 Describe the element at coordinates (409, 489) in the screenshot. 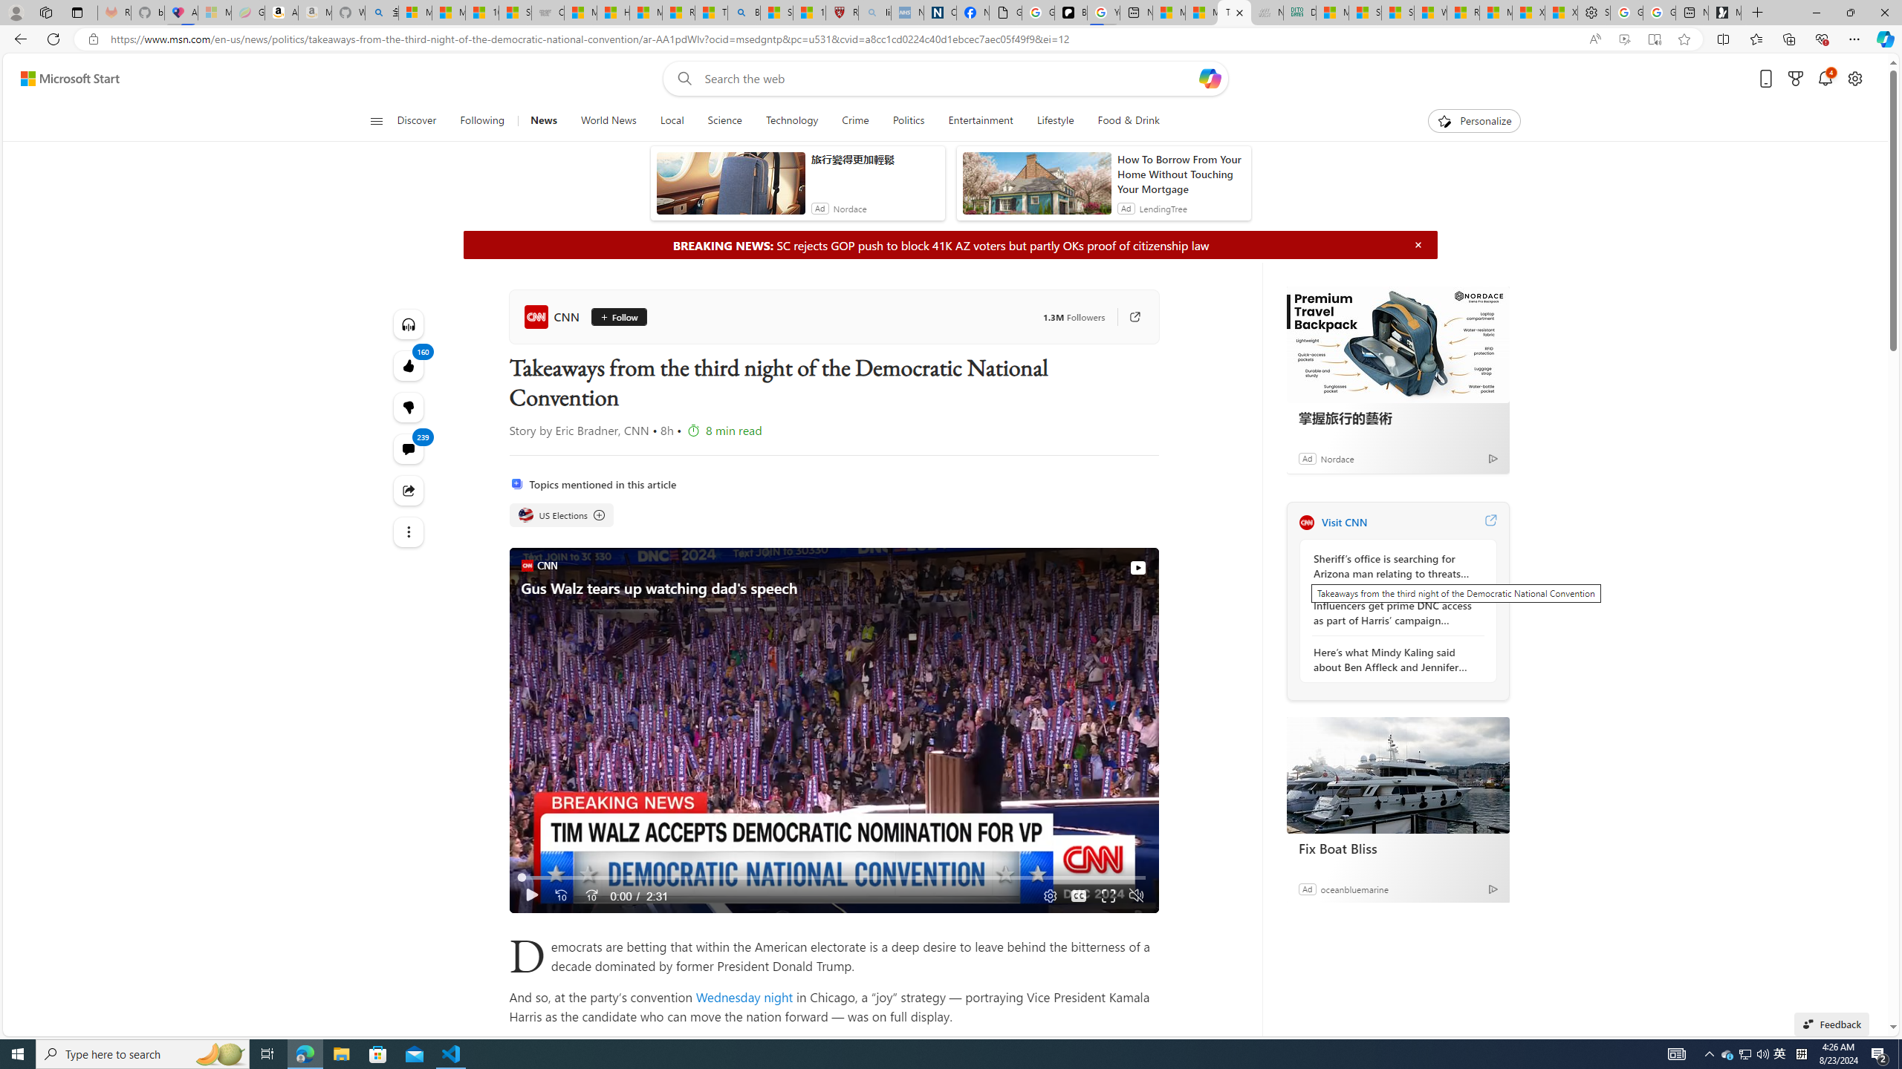

I see `'Share this story'` at that location.